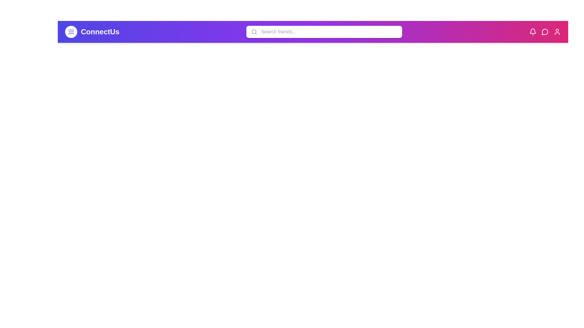 The height and width of the screenshot is (328, 584). I want to click on the menu button to toggle the sidebar, so click(71, 32).